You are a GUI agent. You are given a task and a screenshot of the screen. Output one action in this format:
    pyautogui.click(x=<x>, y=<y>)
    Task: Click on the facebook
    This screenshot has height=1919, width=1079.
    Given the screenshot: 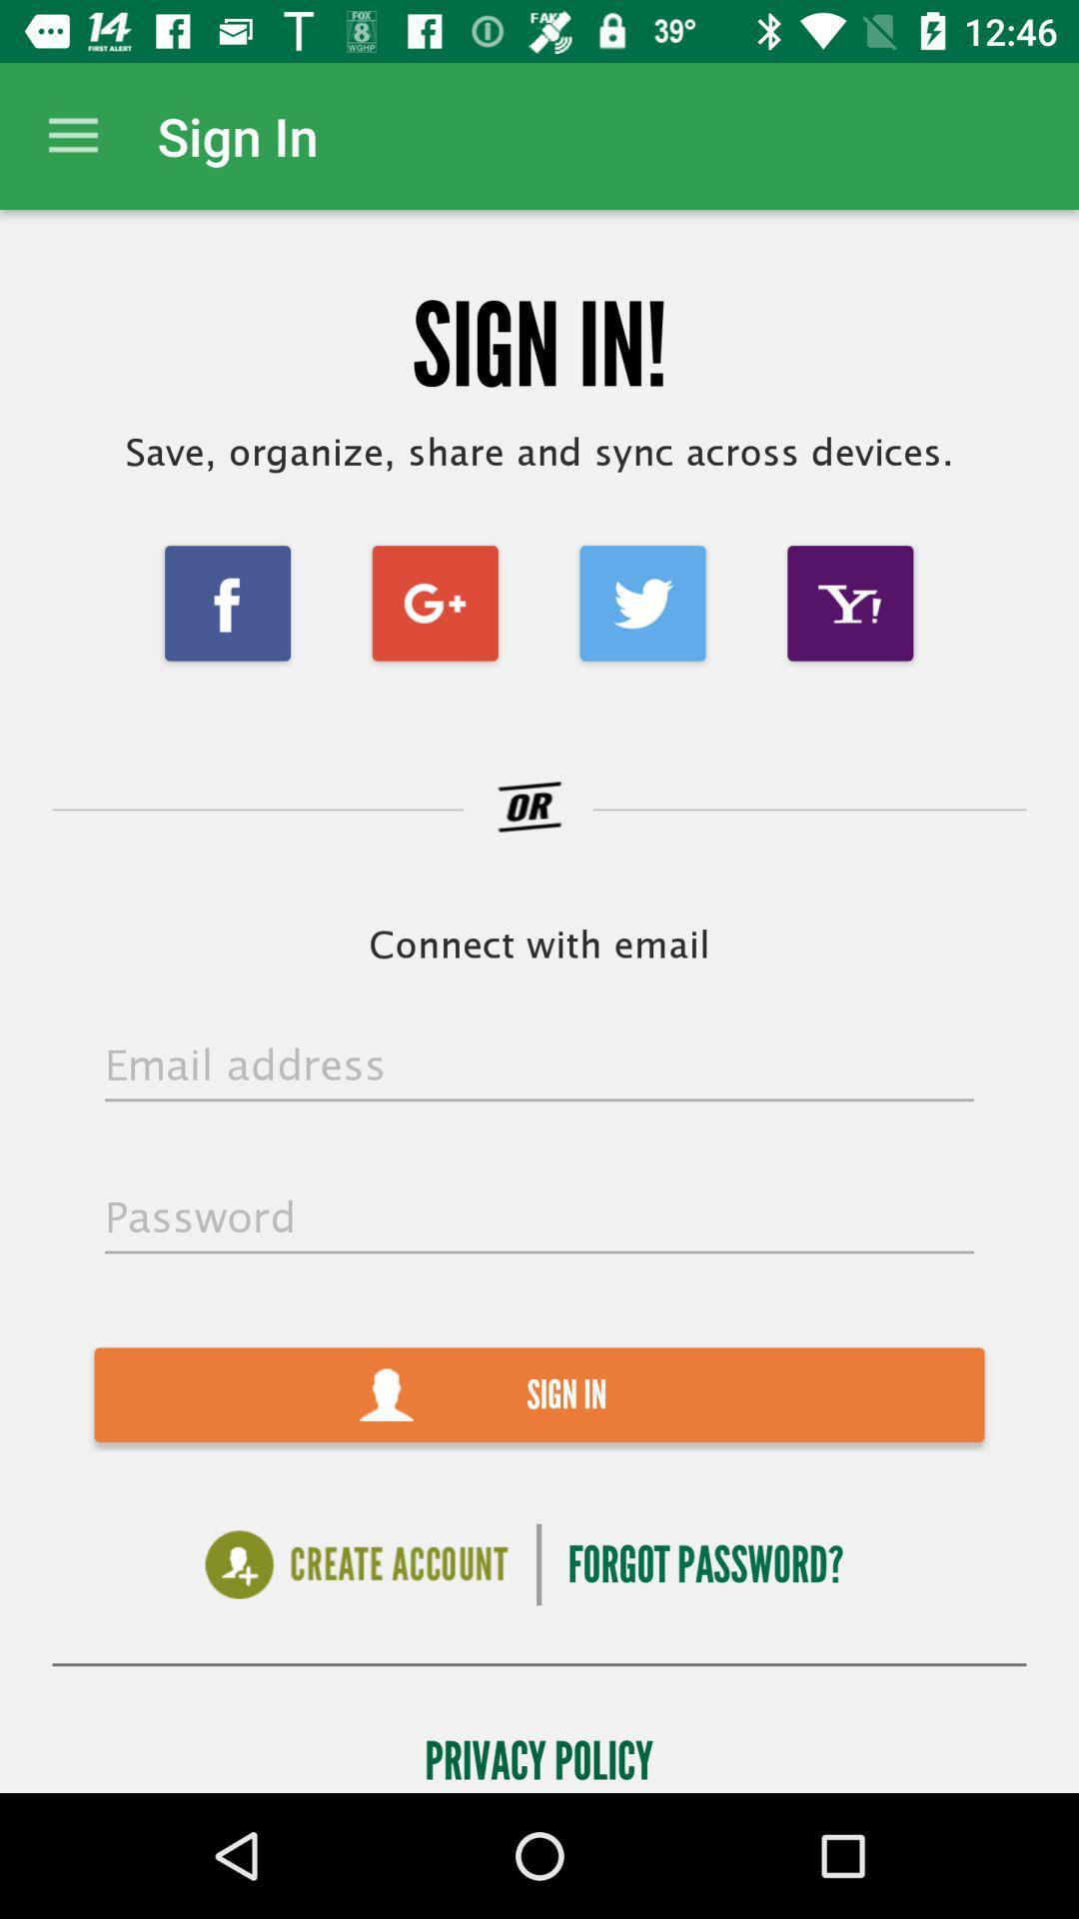 What is the action you would take?
    pyautogui.click(x=226, y=602)
    